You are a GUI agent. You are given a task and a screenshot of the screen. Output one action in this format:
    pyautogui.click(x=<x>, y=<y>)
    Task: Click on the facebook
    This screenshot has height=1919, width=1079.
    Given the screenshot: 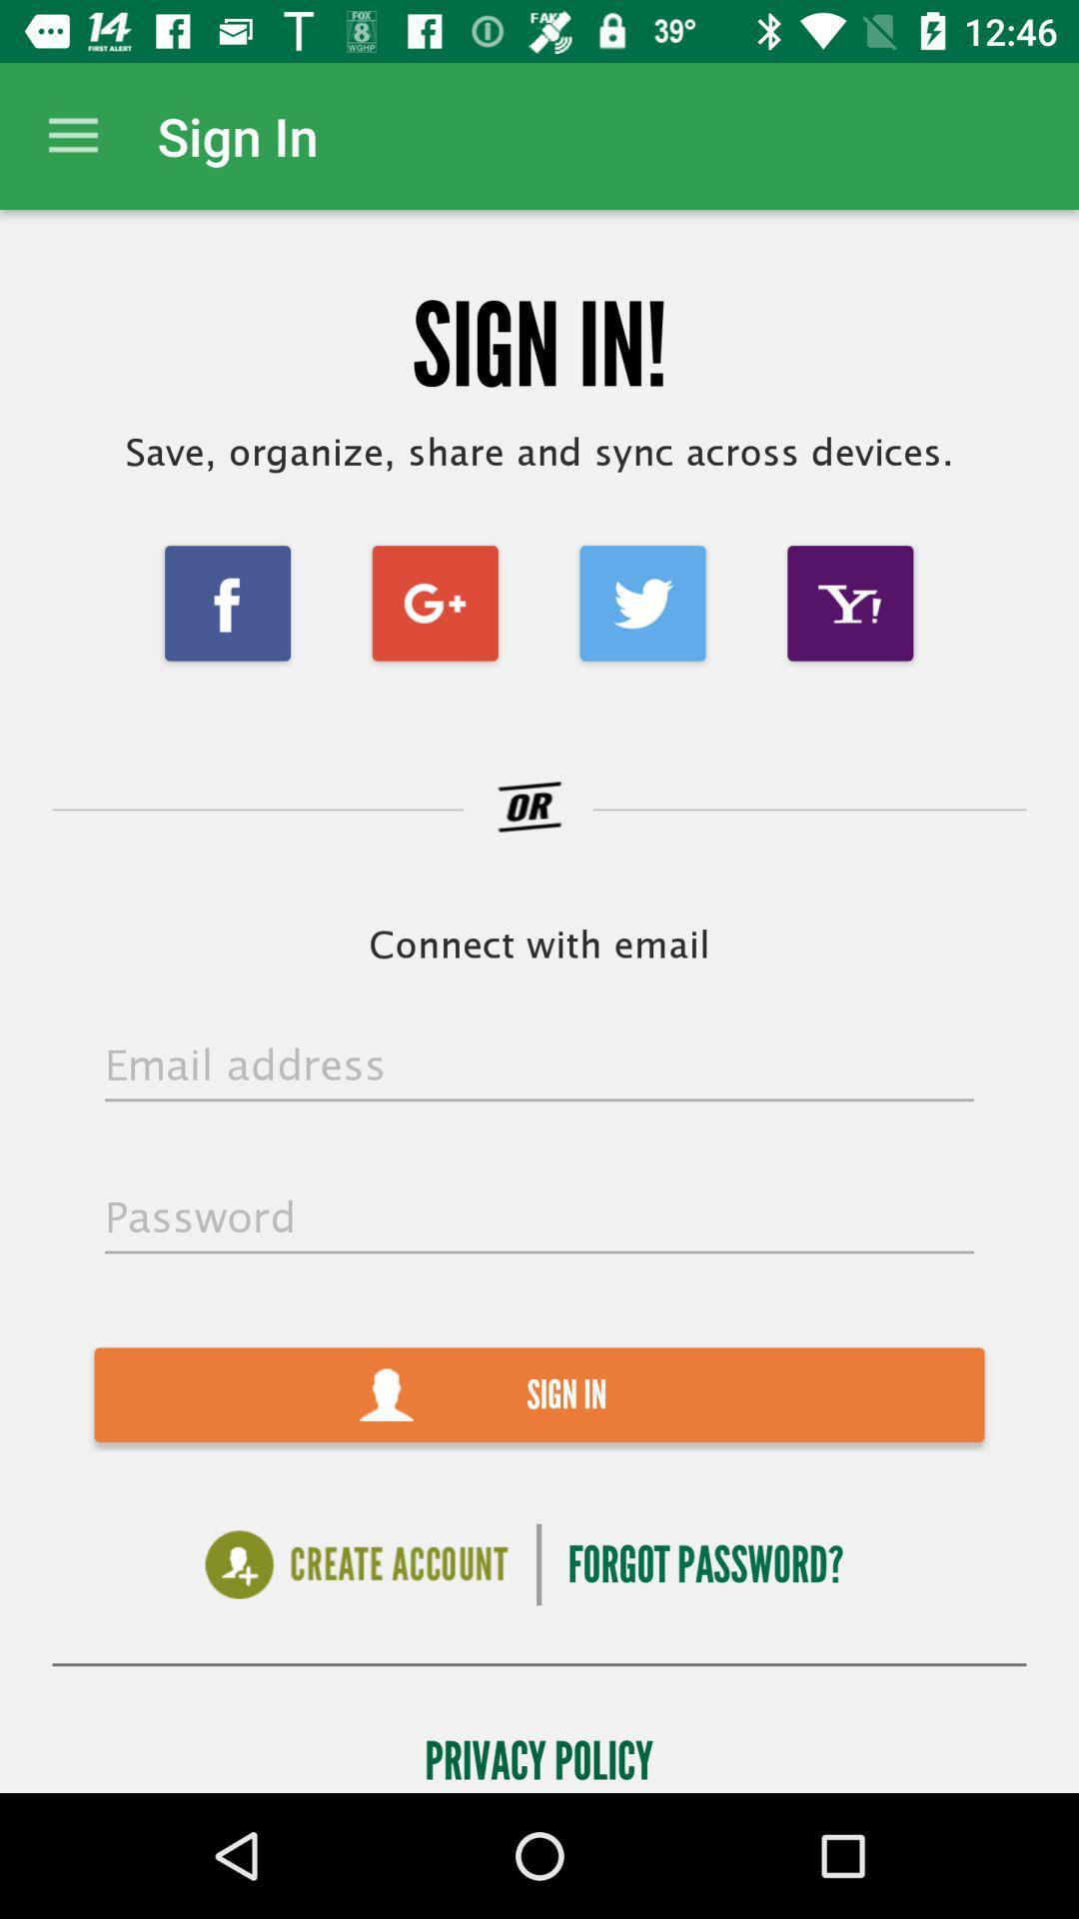 What is the action you would take?
    pyautogui.click(x=226, y=602)
    